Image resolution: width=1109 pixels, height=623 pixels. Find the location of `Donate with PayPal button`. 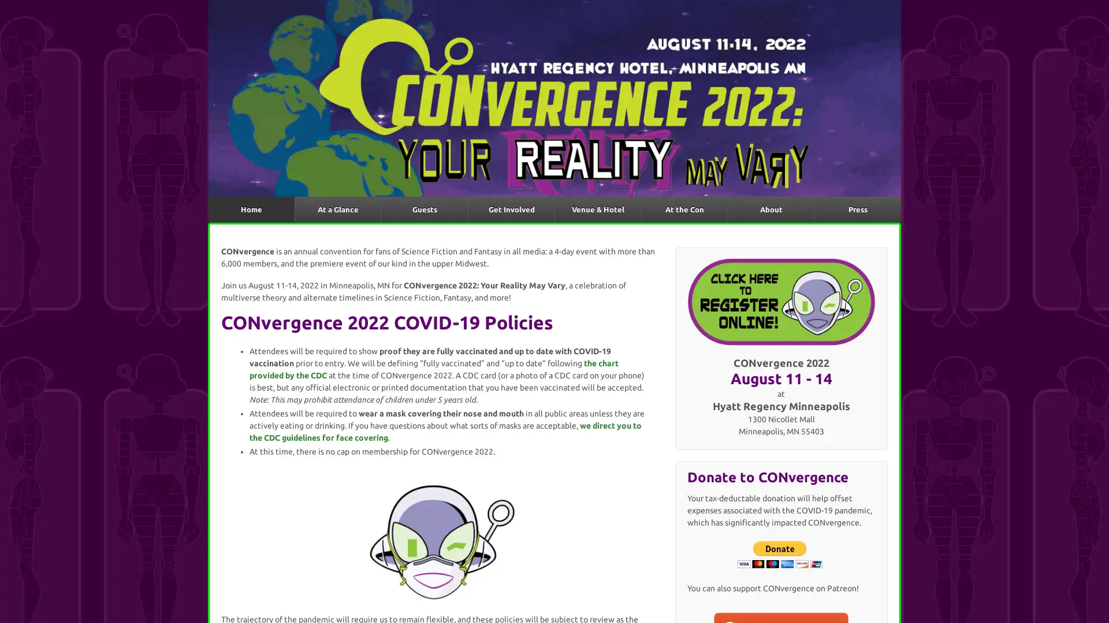

Donate with PayPal button is located at coordinates (779, 553).